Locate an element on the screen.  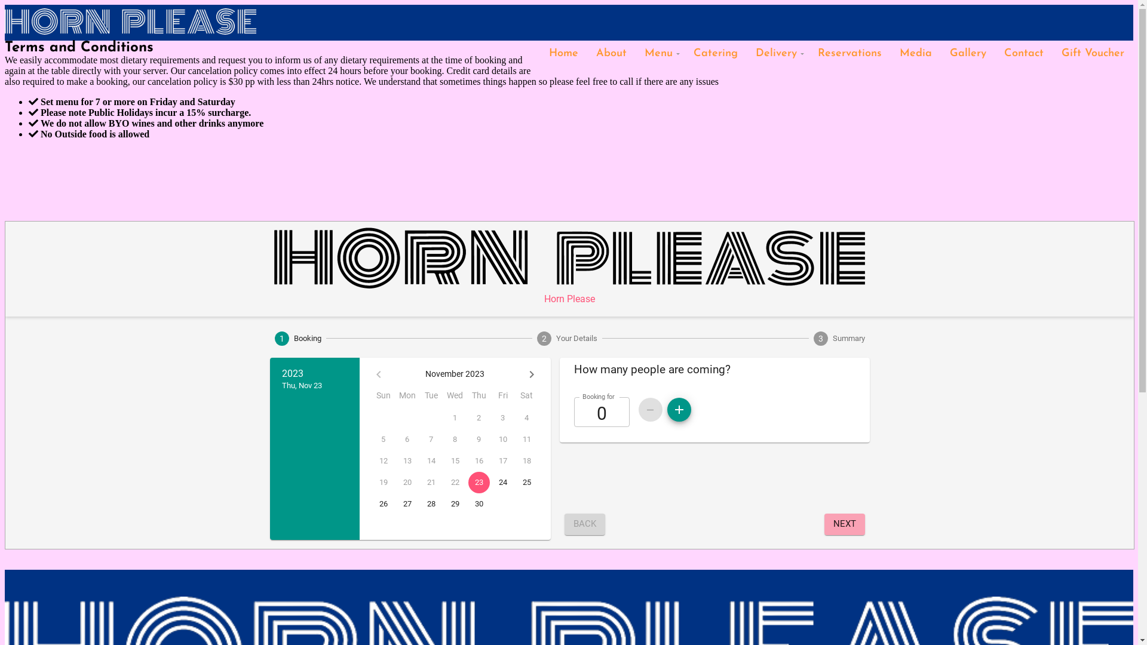
'Delivery' is located at coordinates (777, 53).